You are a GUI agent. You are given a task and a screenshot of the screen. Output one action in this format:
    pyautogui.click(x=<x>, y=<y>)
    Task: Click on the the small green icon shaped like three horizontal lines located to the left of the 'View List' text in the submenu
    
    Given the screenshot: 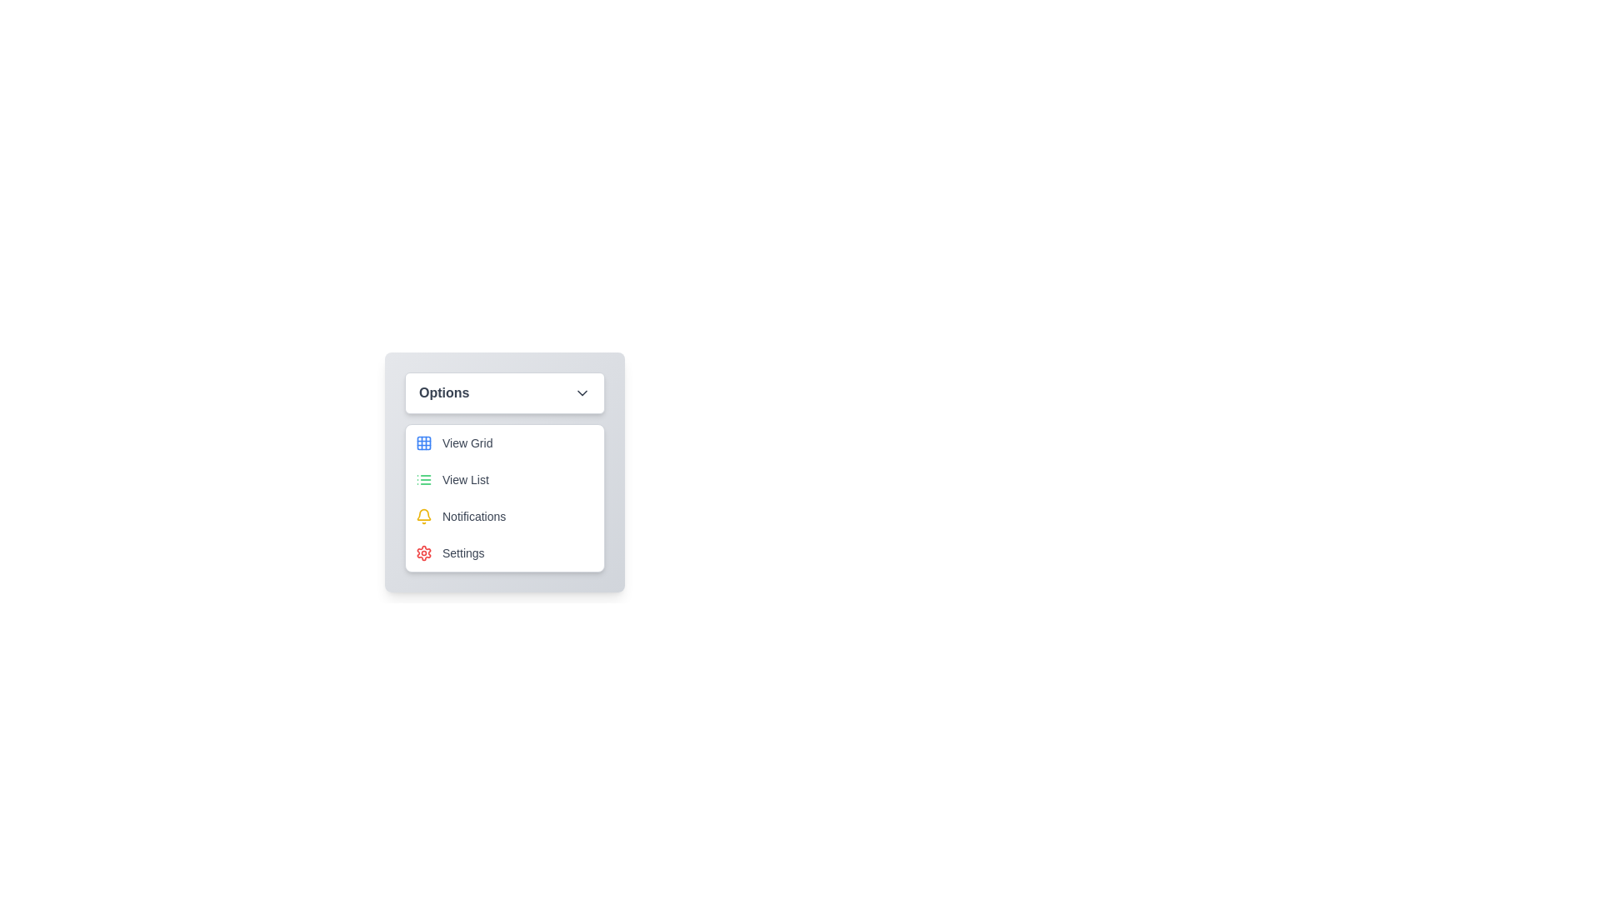 What is the action you would take?
    pyautogui.click(x=423, y=479)
    